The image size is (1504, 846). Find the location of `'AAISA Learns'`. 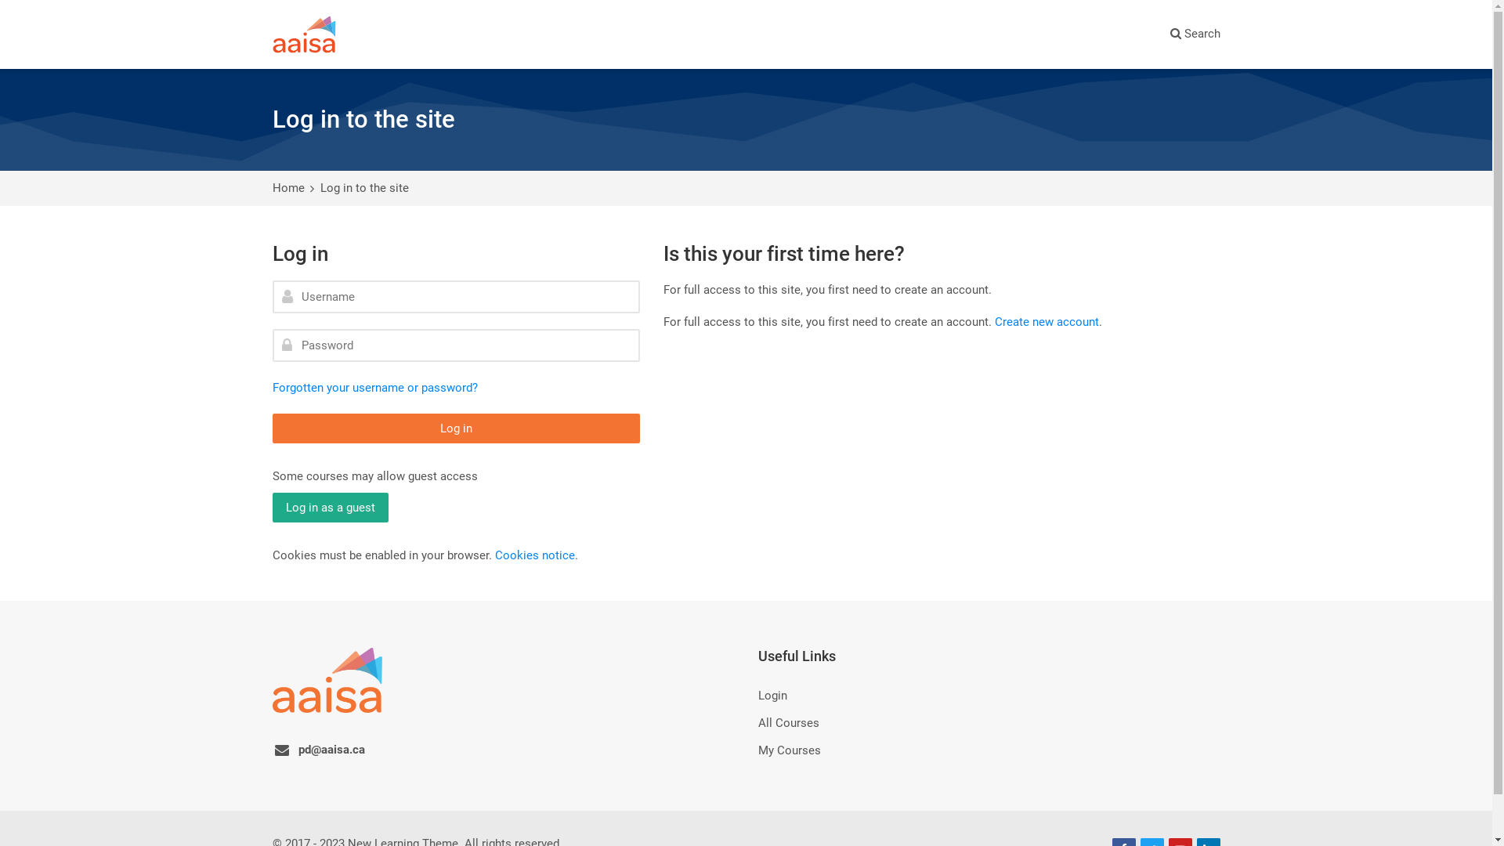

'AAISA Learns' is located at coordinates (304, 34).